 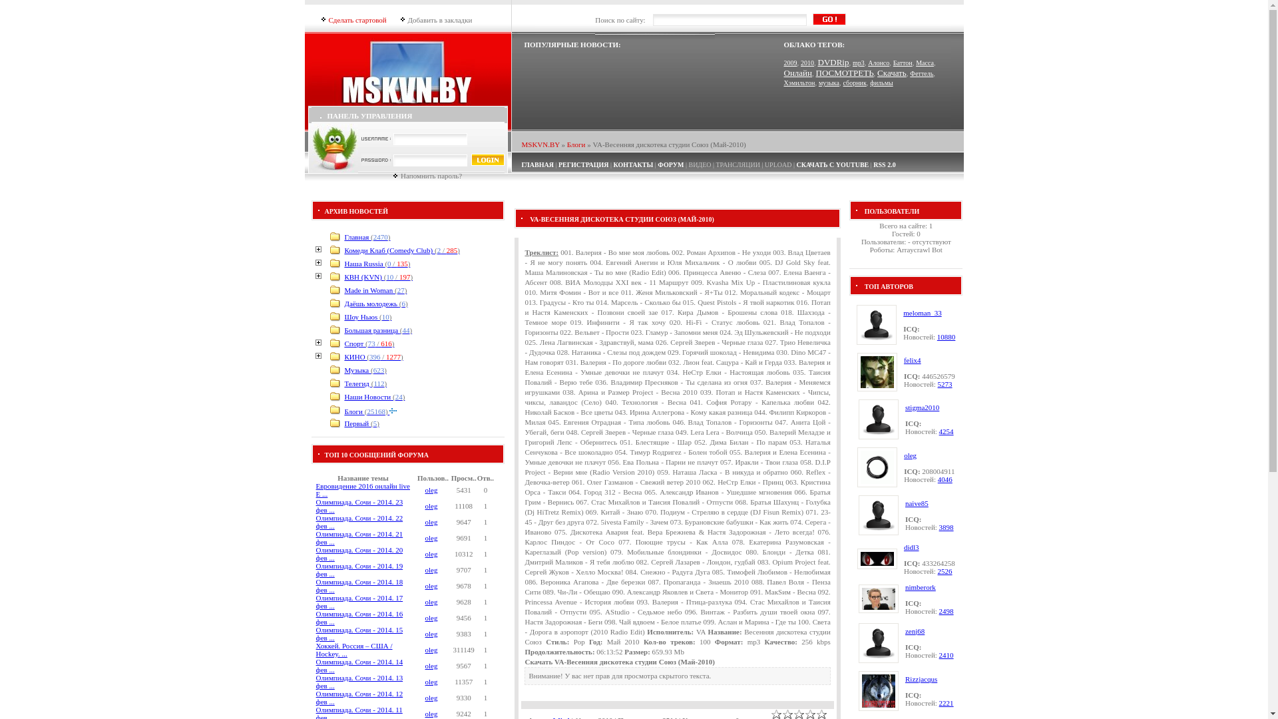 What do you see at coordinates (431, 681) in the screenshot?
I see `'oleg'` at bounding box center [431, 681].